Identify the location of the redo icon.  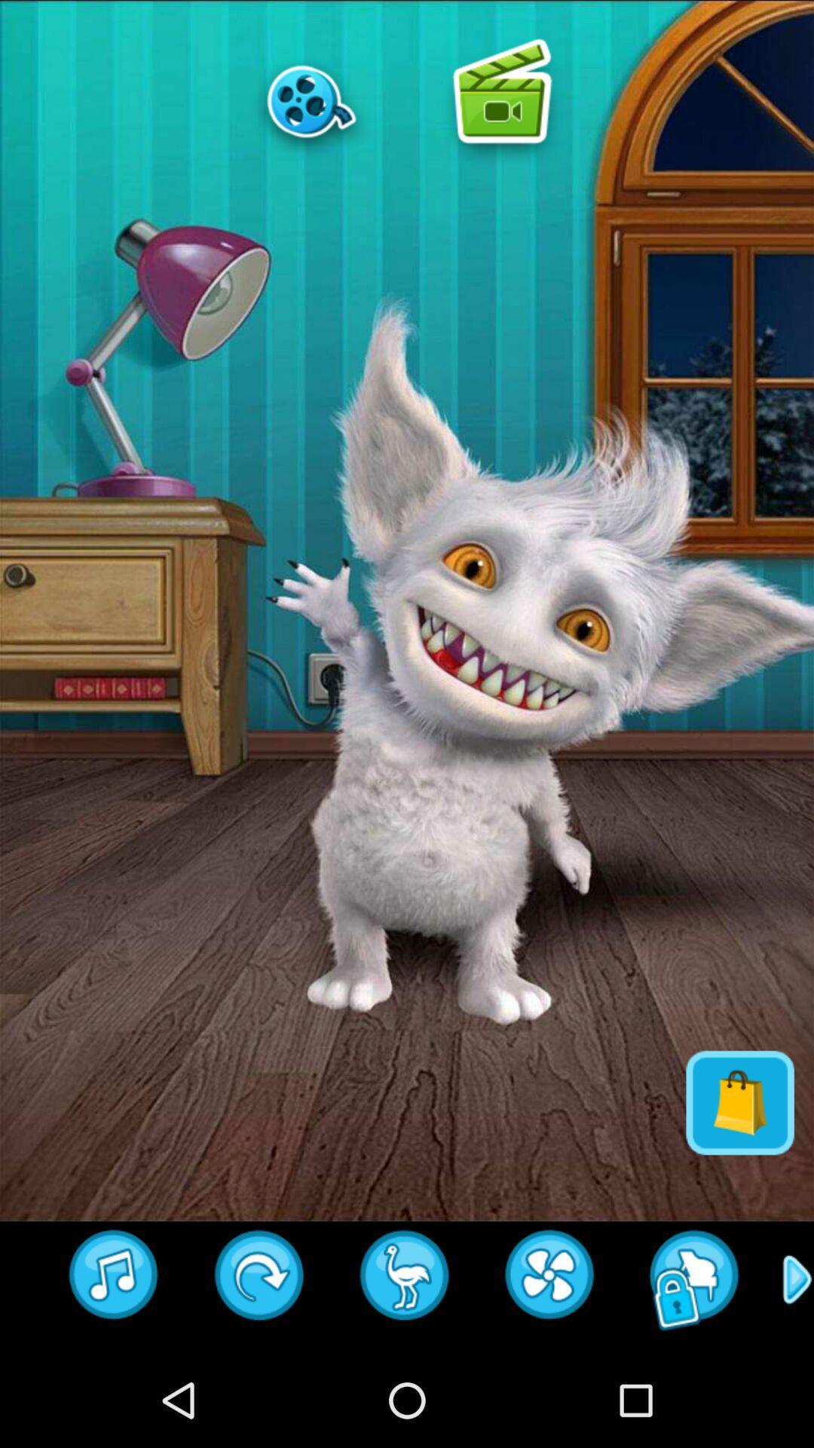
(259, 1370).